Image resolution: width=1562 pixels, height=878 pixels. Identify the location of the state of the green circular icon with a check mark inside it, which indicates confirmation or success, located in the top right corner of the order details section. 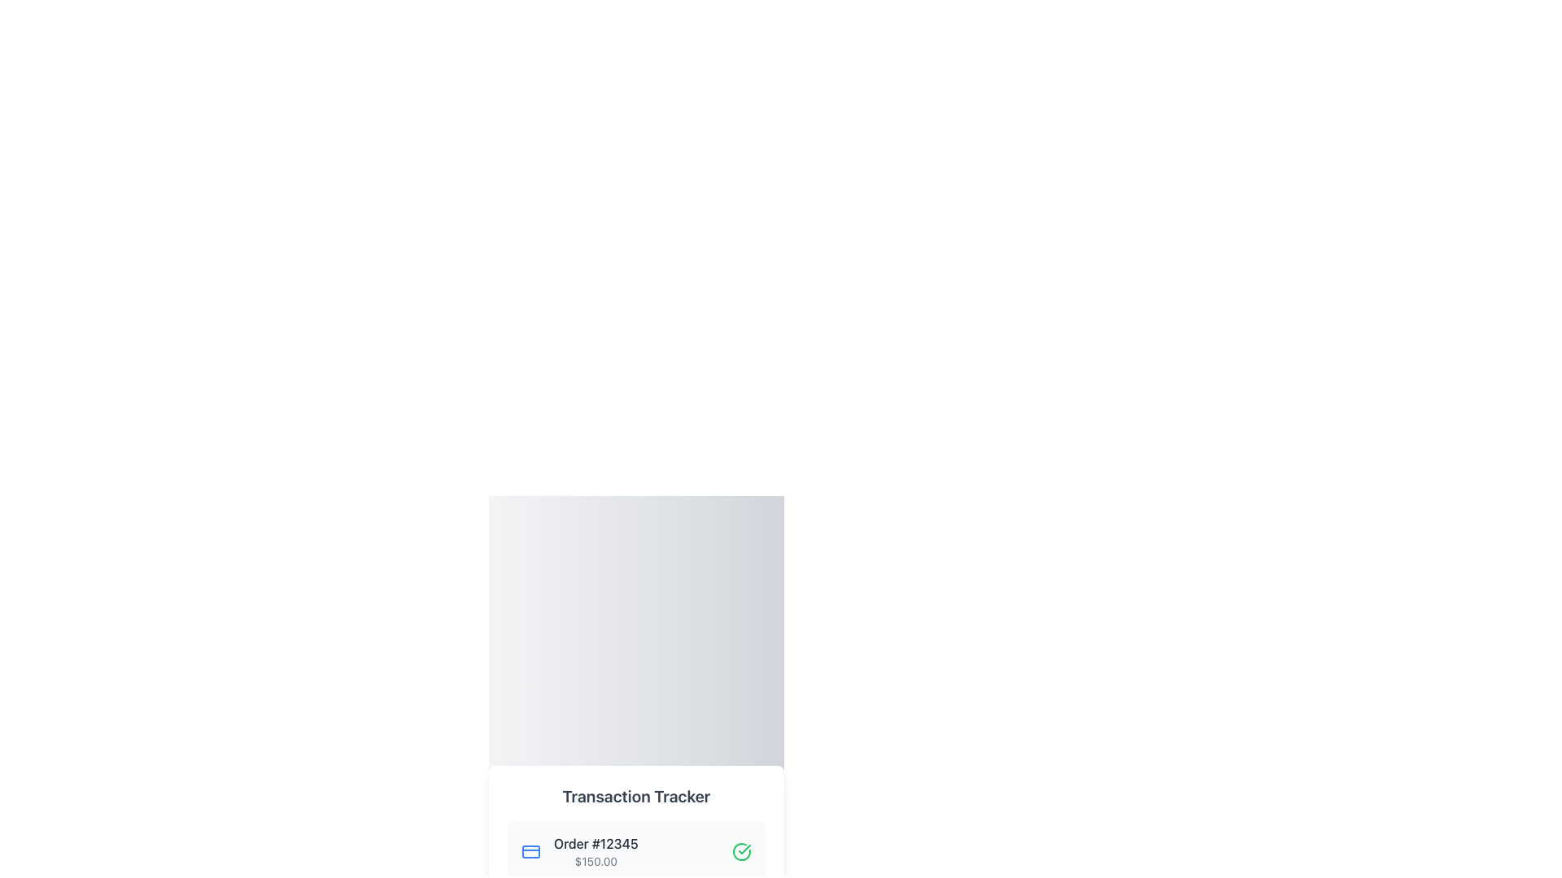
(741, 851).